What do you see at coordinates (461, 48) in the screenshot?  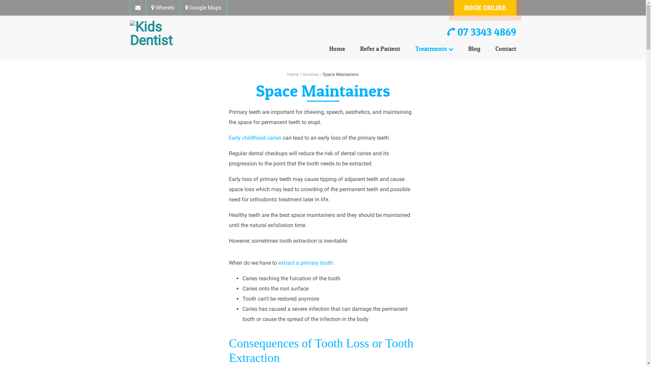 I see `'Blog'` at bounding box center [461, 48].